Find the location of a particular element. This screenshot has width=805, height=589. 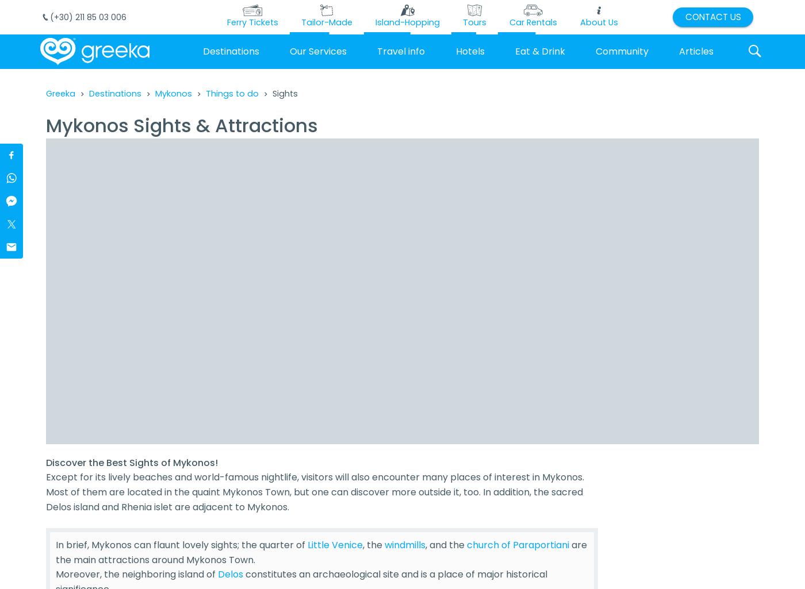

'Greeka' is located at coordinates (45, 93).